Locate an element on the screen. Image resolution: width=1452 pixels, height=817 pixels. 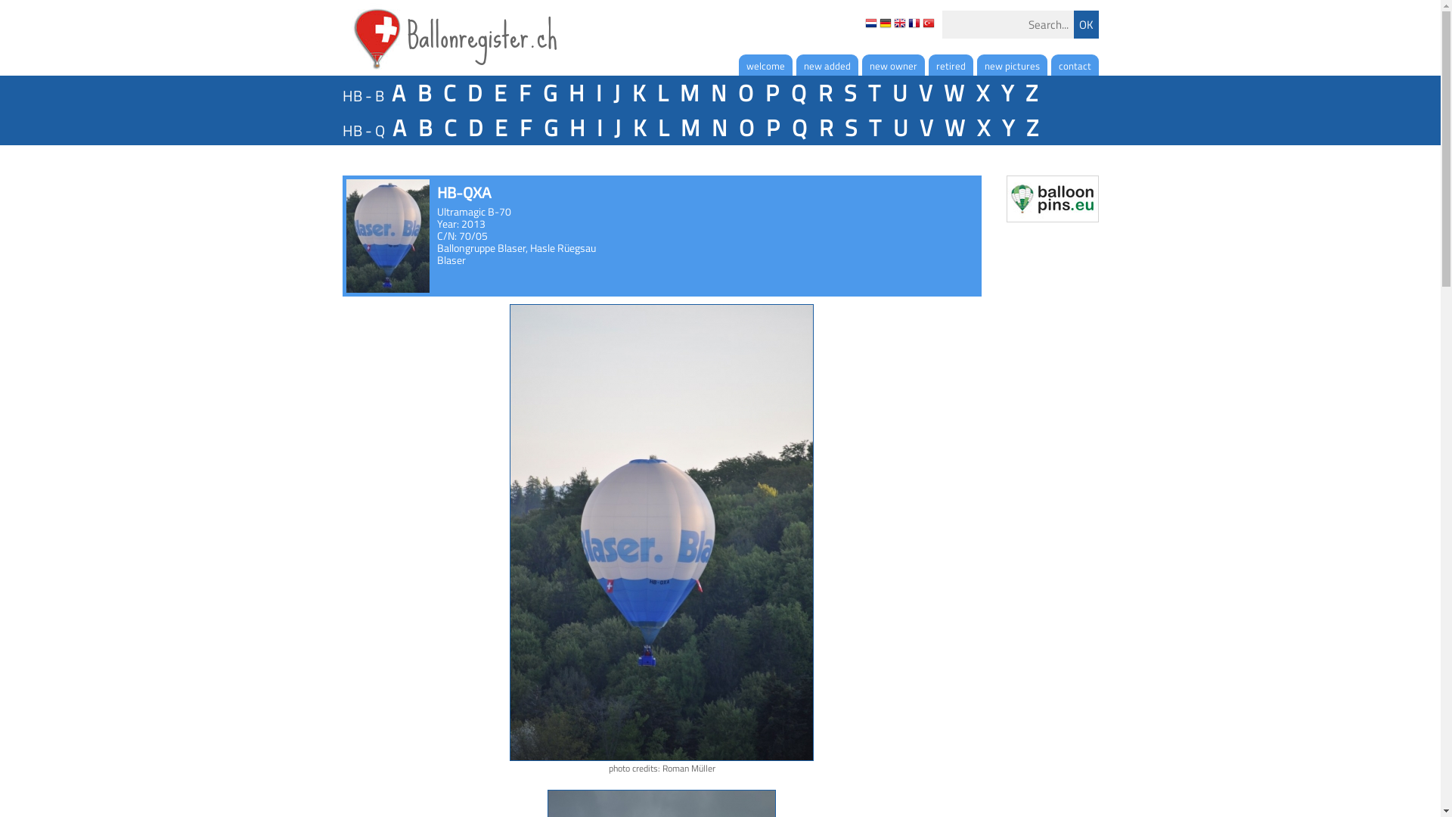
'M' is located at coordinates (675, 127).